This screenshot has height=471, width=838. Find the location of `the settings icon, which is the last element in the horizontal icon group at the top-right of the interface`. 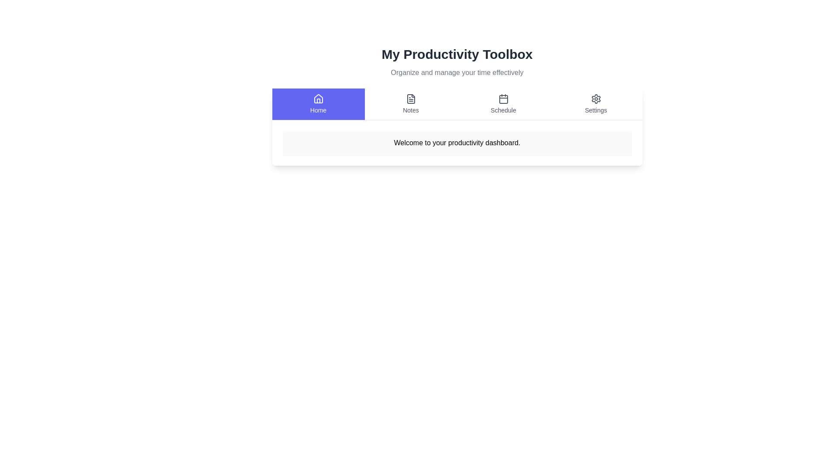

the settings icon, which is the last element in the horizontal icon group at the top-right of the interface is located at coordinates (595, 99).